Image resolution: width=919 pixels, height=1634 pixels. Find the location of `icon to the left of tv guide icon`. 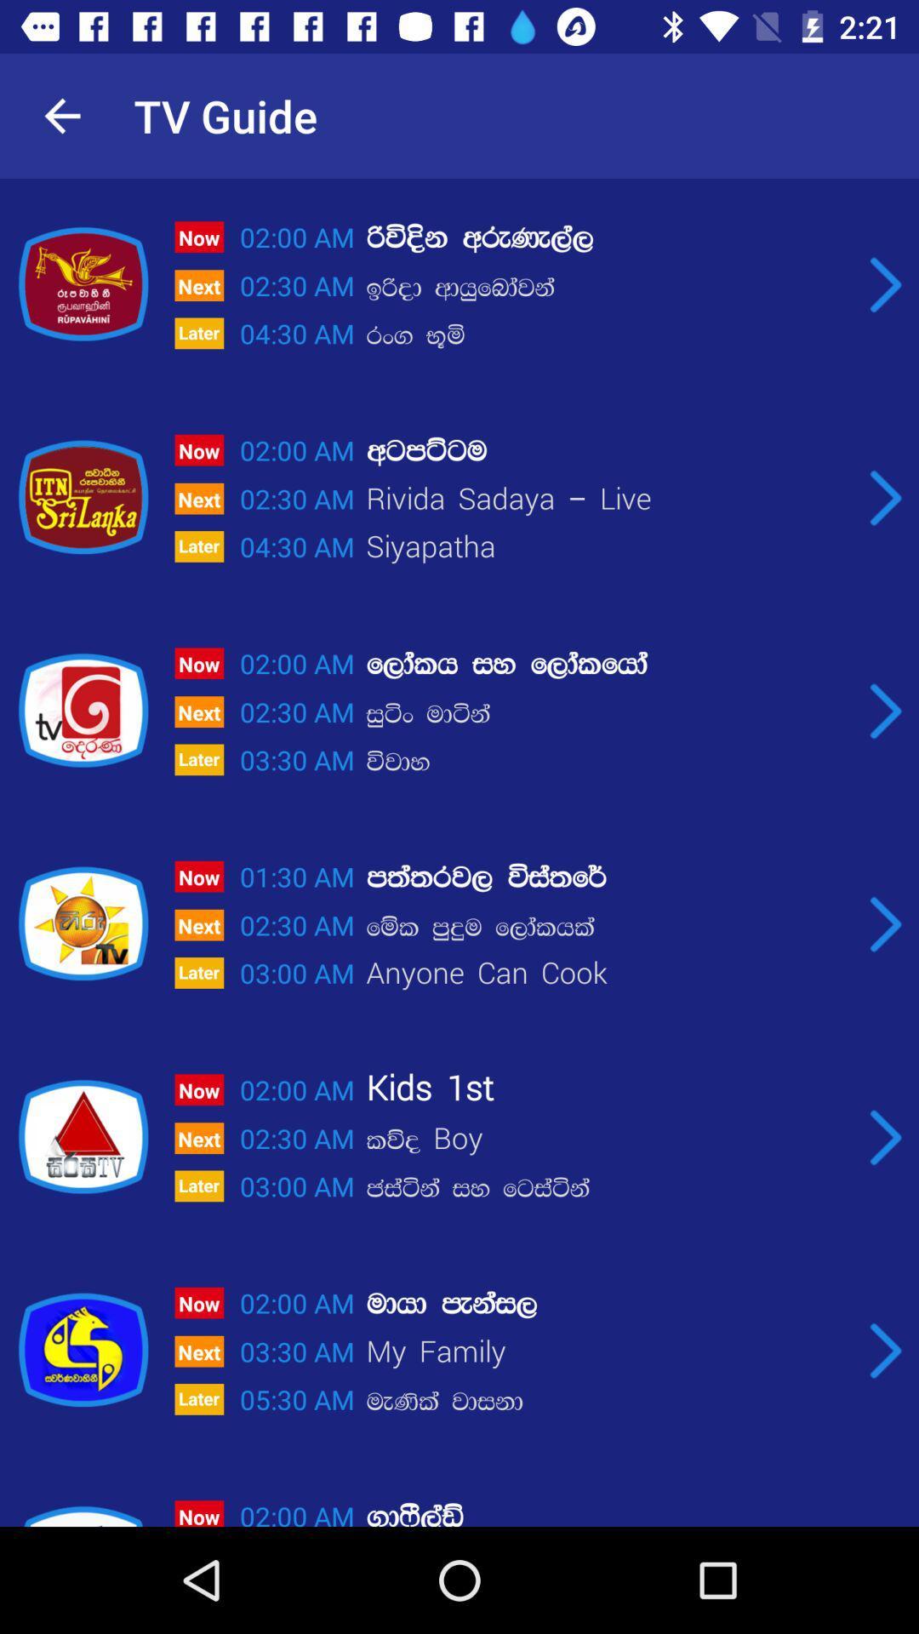

icon to the left of tv guide icon is located at coordinates (61, 115).